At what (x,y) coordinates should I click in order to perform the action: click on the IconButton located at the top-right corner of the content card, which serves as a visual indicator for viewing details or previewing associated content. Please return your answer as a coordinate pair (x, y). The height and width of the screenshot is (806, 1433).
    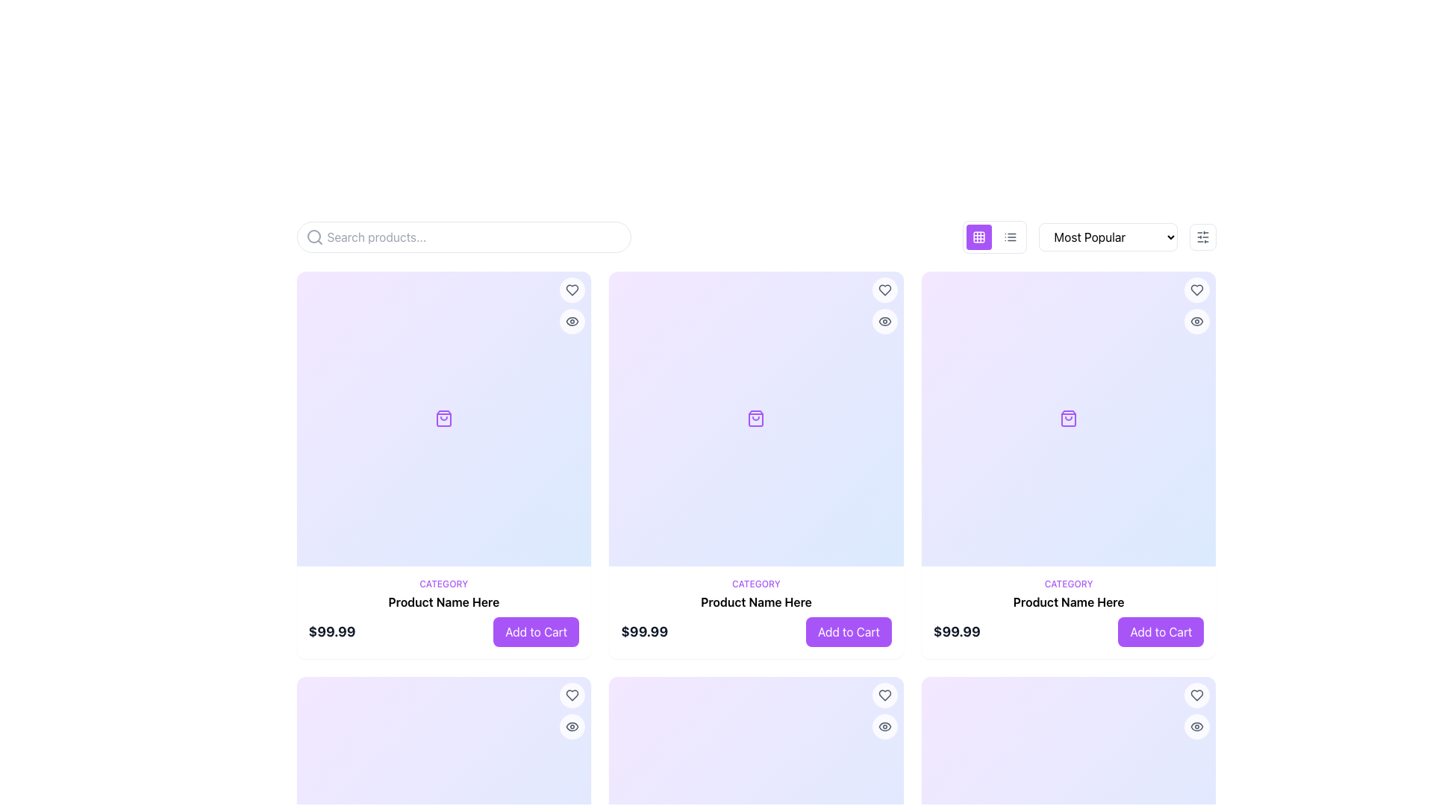
    Looking at the image, I should click on (1197, 725).